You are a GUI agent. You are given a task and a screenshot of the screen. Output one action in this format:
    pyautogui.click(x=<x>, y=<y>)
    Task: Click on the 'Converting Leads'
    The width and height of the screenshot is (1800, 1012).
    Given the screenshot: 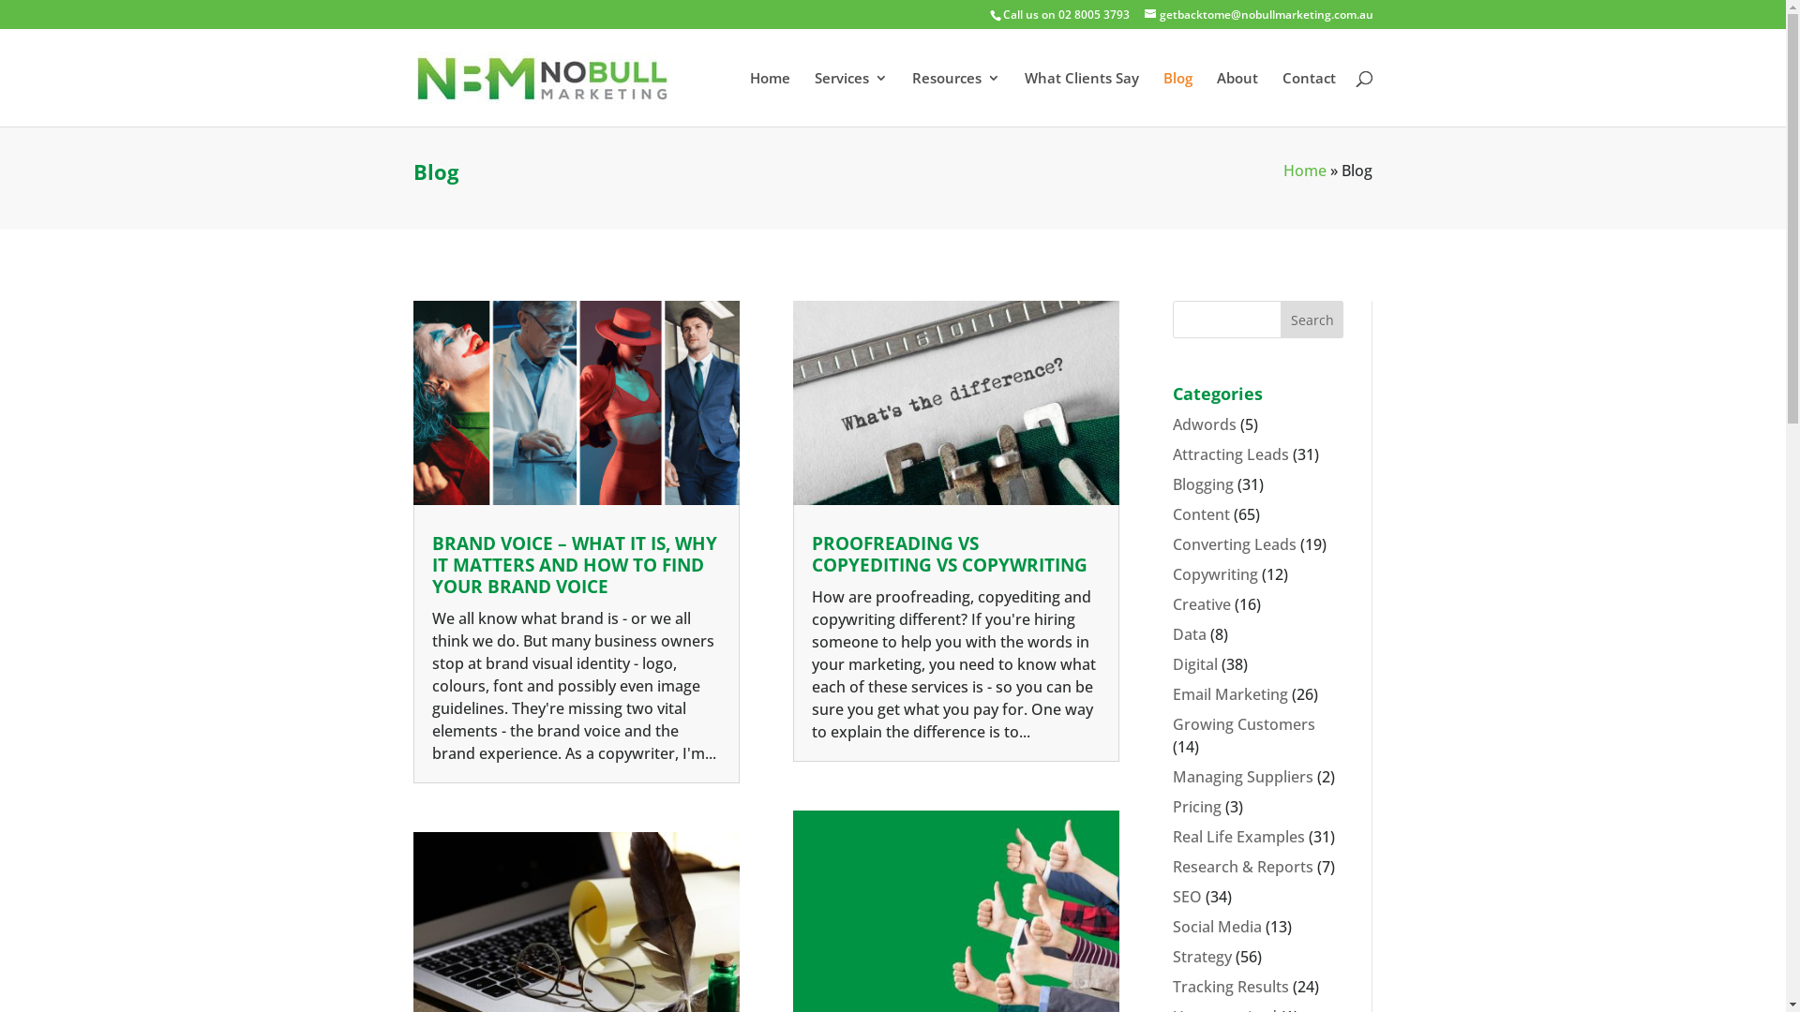 What is the action you would take?
    pyautogui.click(x=1234, y=544)
    